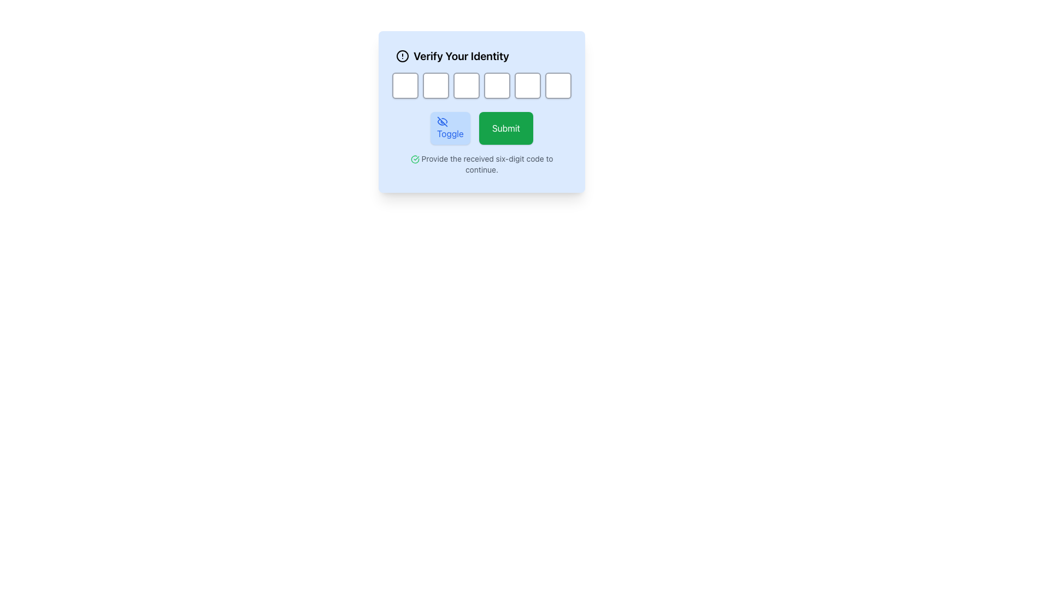 The height and width of the screenshot is (590, 1049). Describe the element at coordinates (443, 122) in the screenshot. I see `the visual indicator within the 'Toggle' button that communicates visibility settings to the user` at that location.